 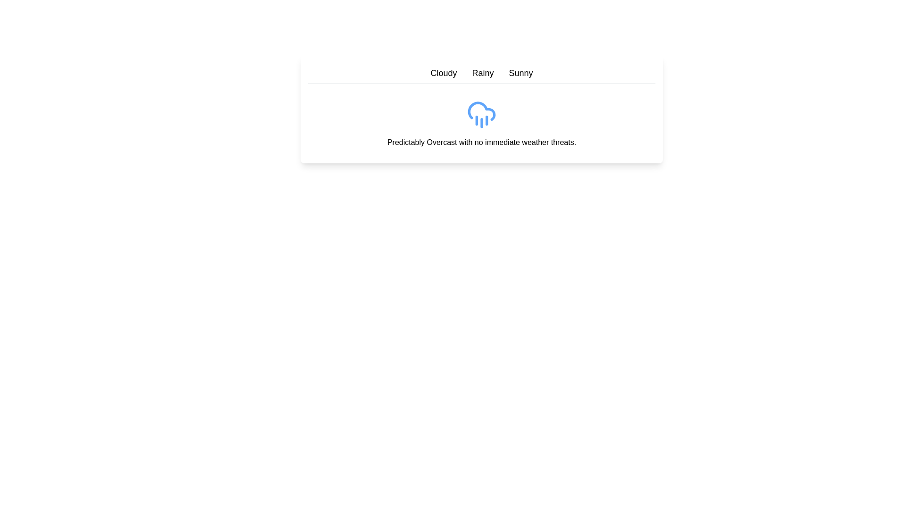 I want to click on the 'Rainy' text button, so click(x=483, y=72).